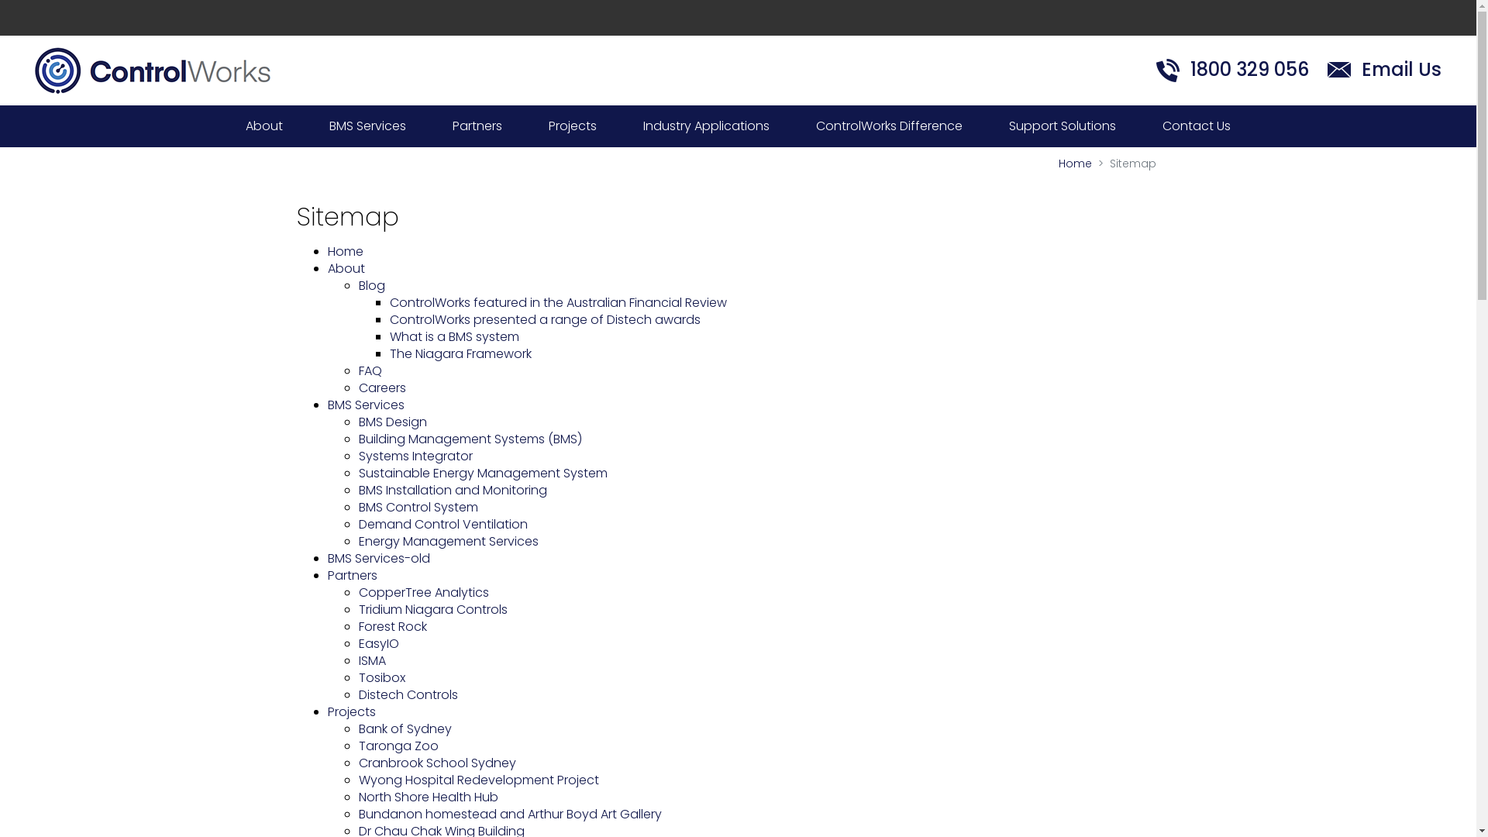 Image resolution: width=1488 pixels, height=837 pixels. What do you see at coordinates (415, 455) in the screenshot?
I see `'Systems Integrator'` at bounding box center [415, 455].